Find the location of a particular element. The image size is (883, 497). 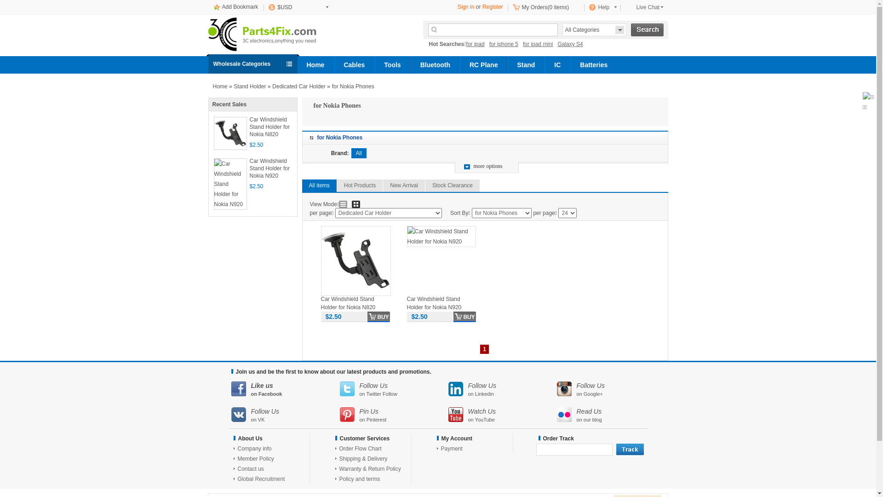

'for ipad' is located at coordinates (477, 44).